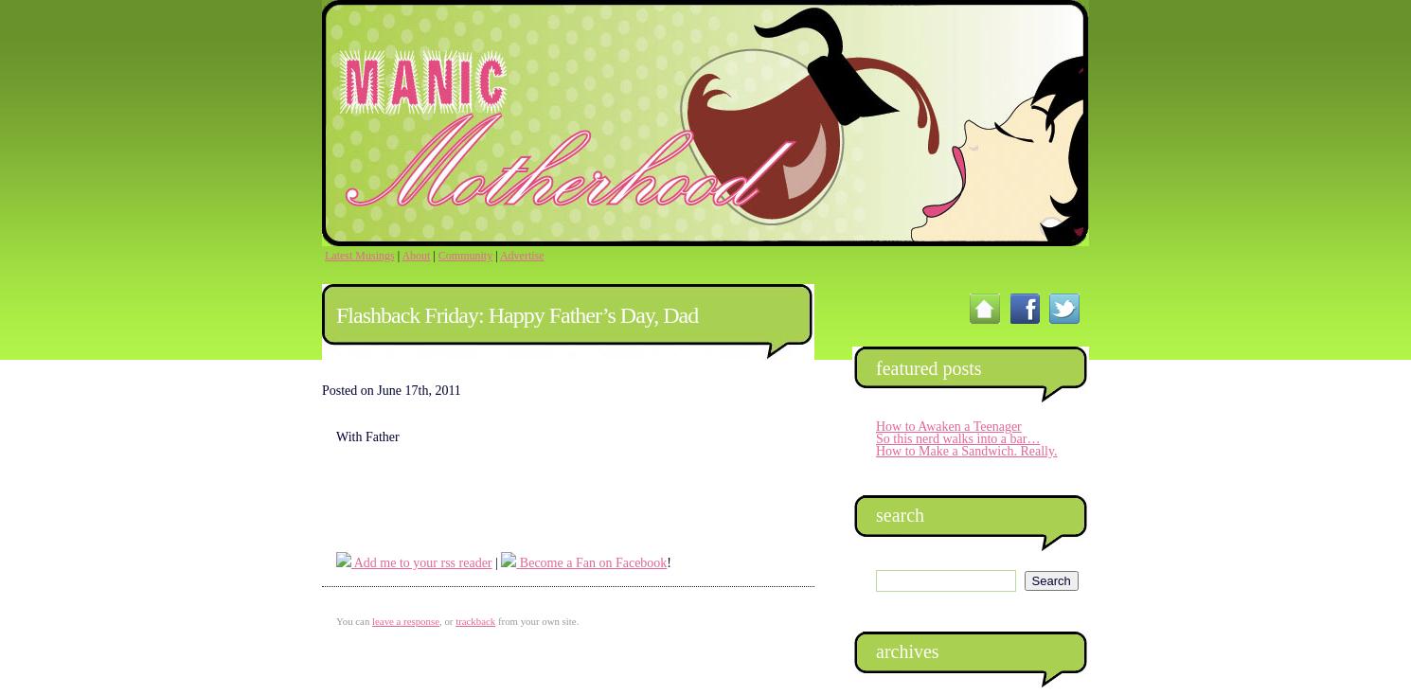 The height and width of the screenshot is (695, 1411). What do you see at coordinates (965, 451) in the screenshot?
I see `'How to Make a Sandwich. Really.'` at bounding box center [965, 451].